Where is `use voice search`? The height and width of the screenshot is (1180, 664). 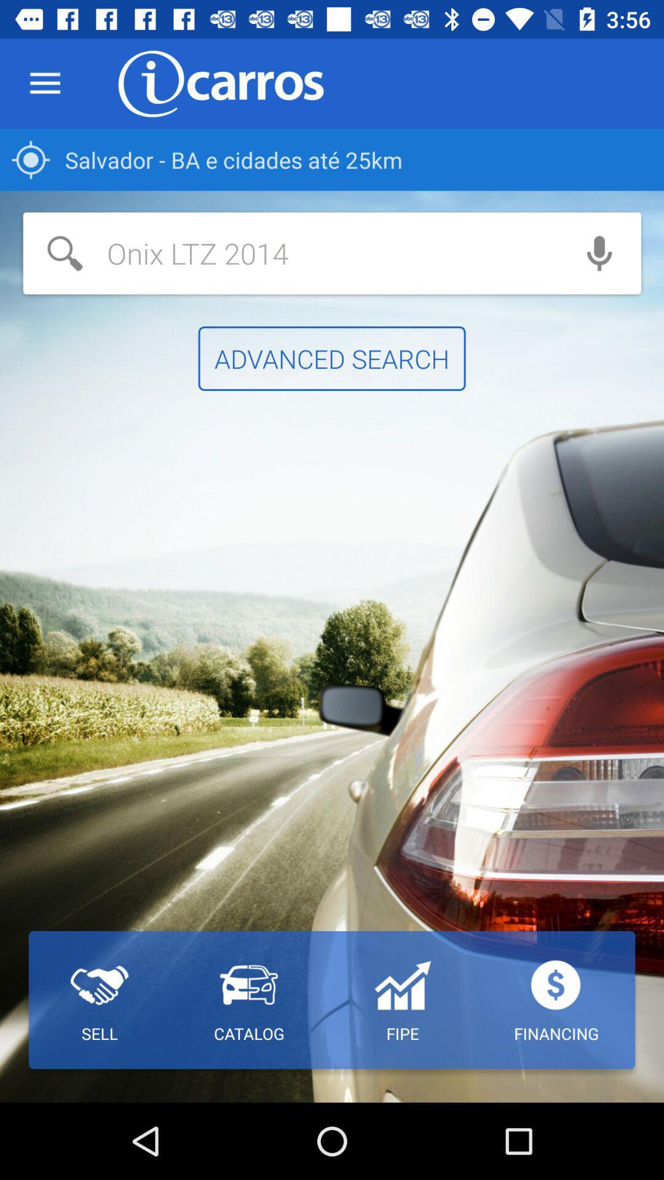
use voice search is located at coordinates (599, 253).